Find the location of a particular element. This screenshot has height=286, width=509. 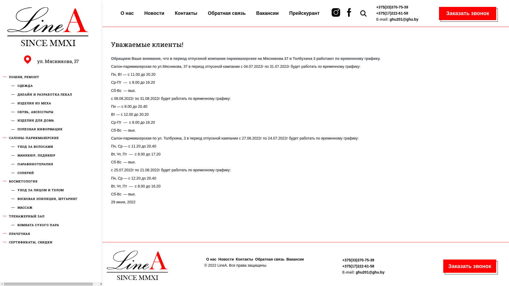

'ghu201@ghu.by' is located at coordinates (404, 19).